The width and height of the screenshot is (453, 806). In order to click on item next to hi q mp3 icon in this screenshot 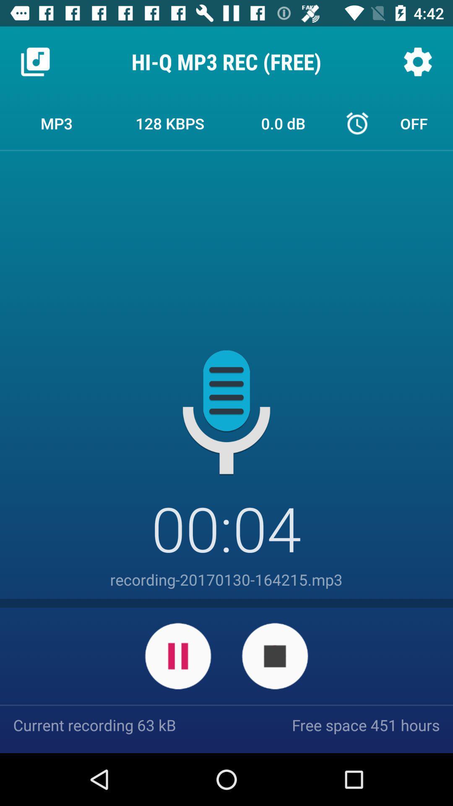, I will do `click(417, 61)`.